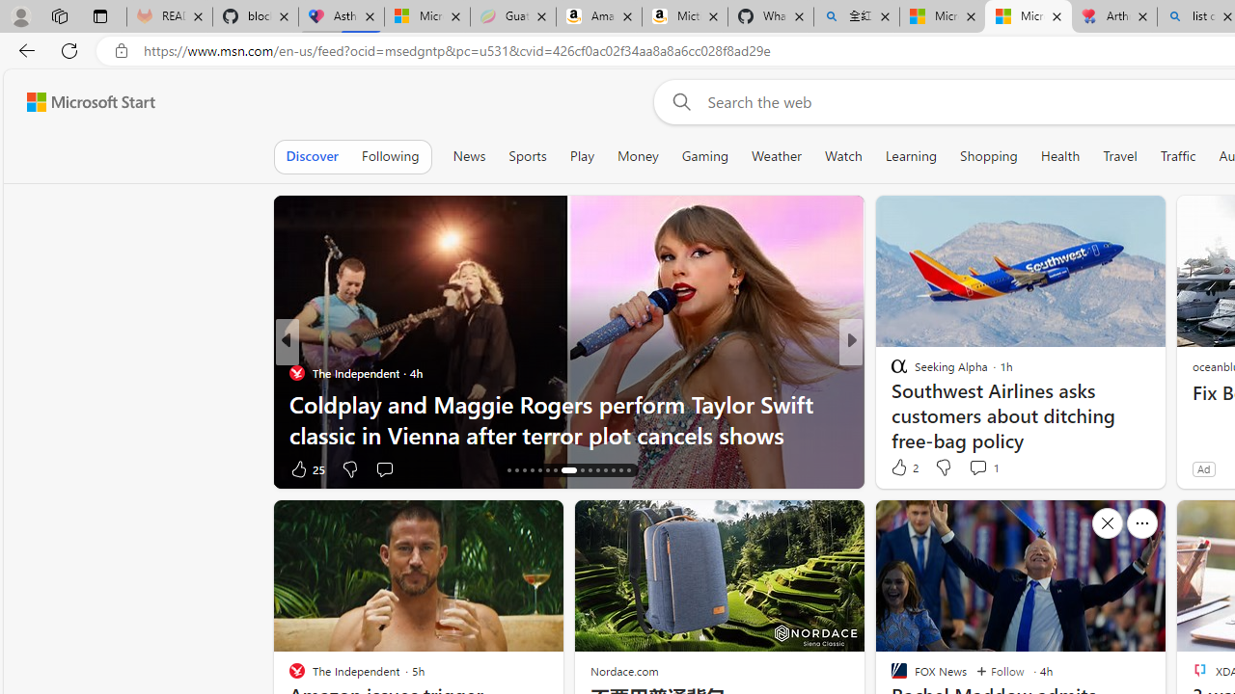  What do you see at coordinates (524, 470) in the screenshot?
I see `'AutomationID: tab-18'` at bounding box center [524, 470].